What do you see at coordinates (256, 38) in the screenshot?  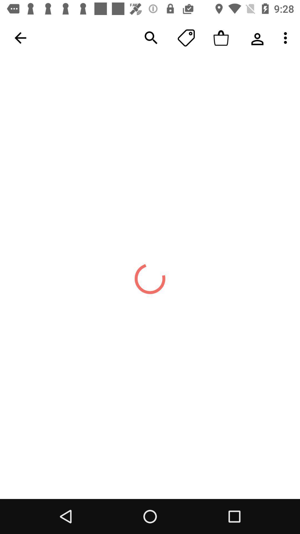 I see `the profile button` at bounding box center [256, 38].